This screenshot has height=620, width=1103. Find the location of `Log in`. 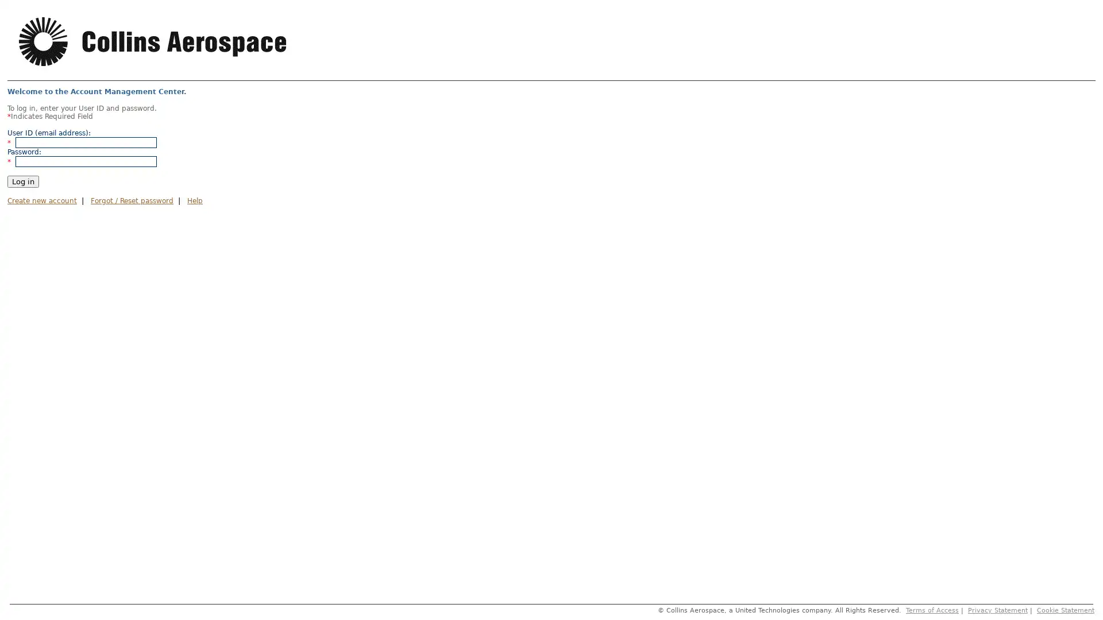

Log in is located at coordinates (23, 181).